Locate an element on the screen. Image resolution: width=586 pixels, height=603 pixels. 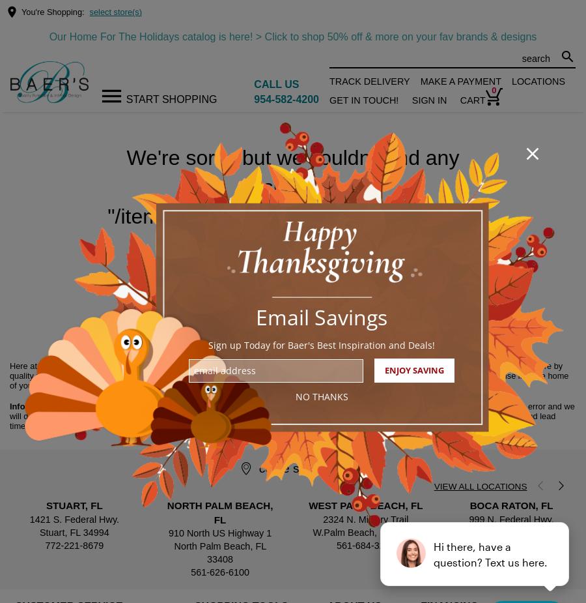
'Information Accuracy' is located at coordinates (51, 405).